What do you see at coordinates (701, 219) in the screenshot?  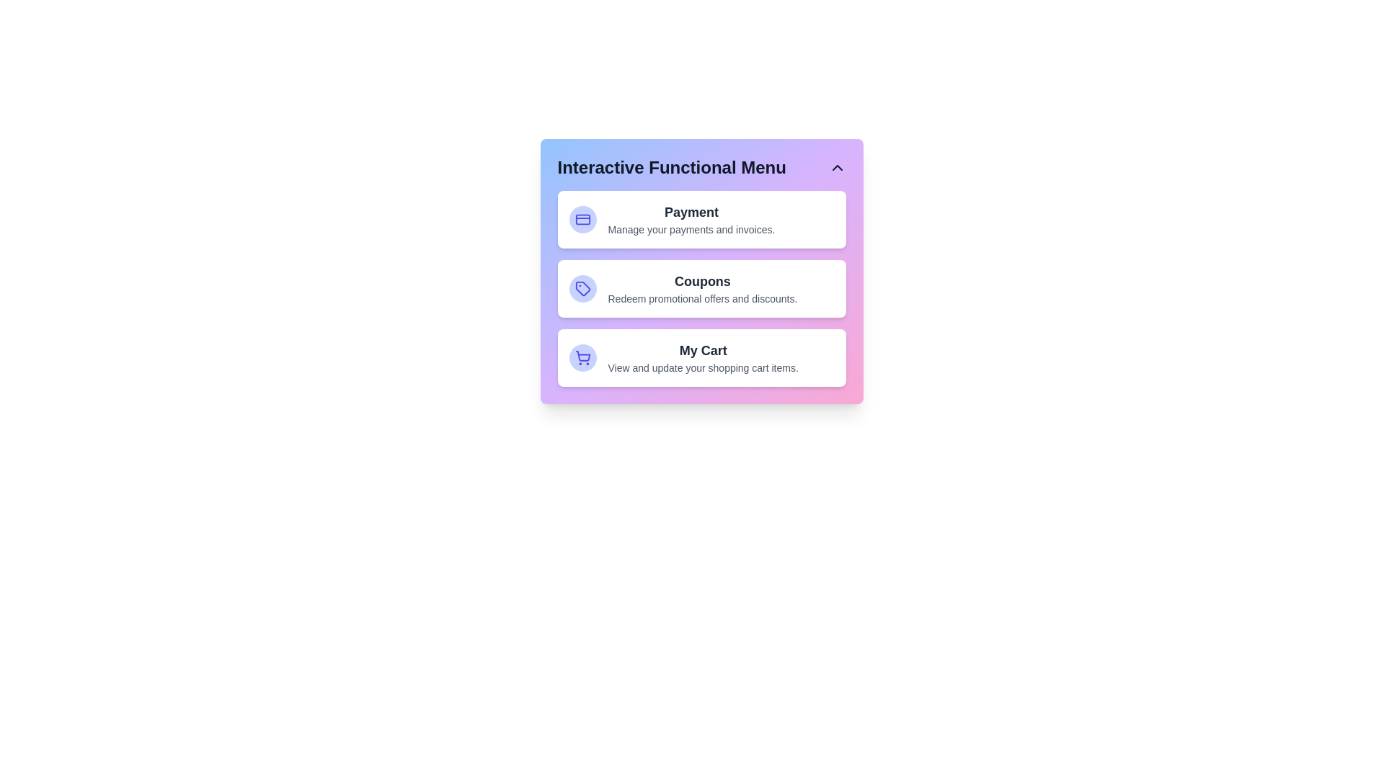 I see `the menu item Payment to select it` at bounding box center [701, 219].